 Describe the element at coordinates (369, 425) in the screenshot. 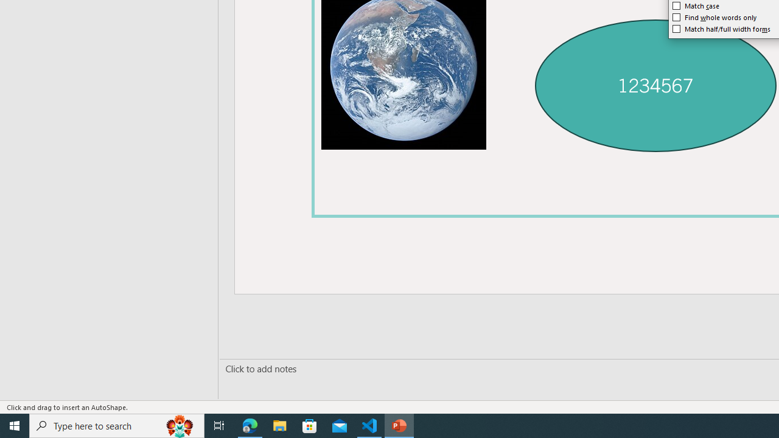

I see `'Visual Studio Code - 1 running window'` at that location.